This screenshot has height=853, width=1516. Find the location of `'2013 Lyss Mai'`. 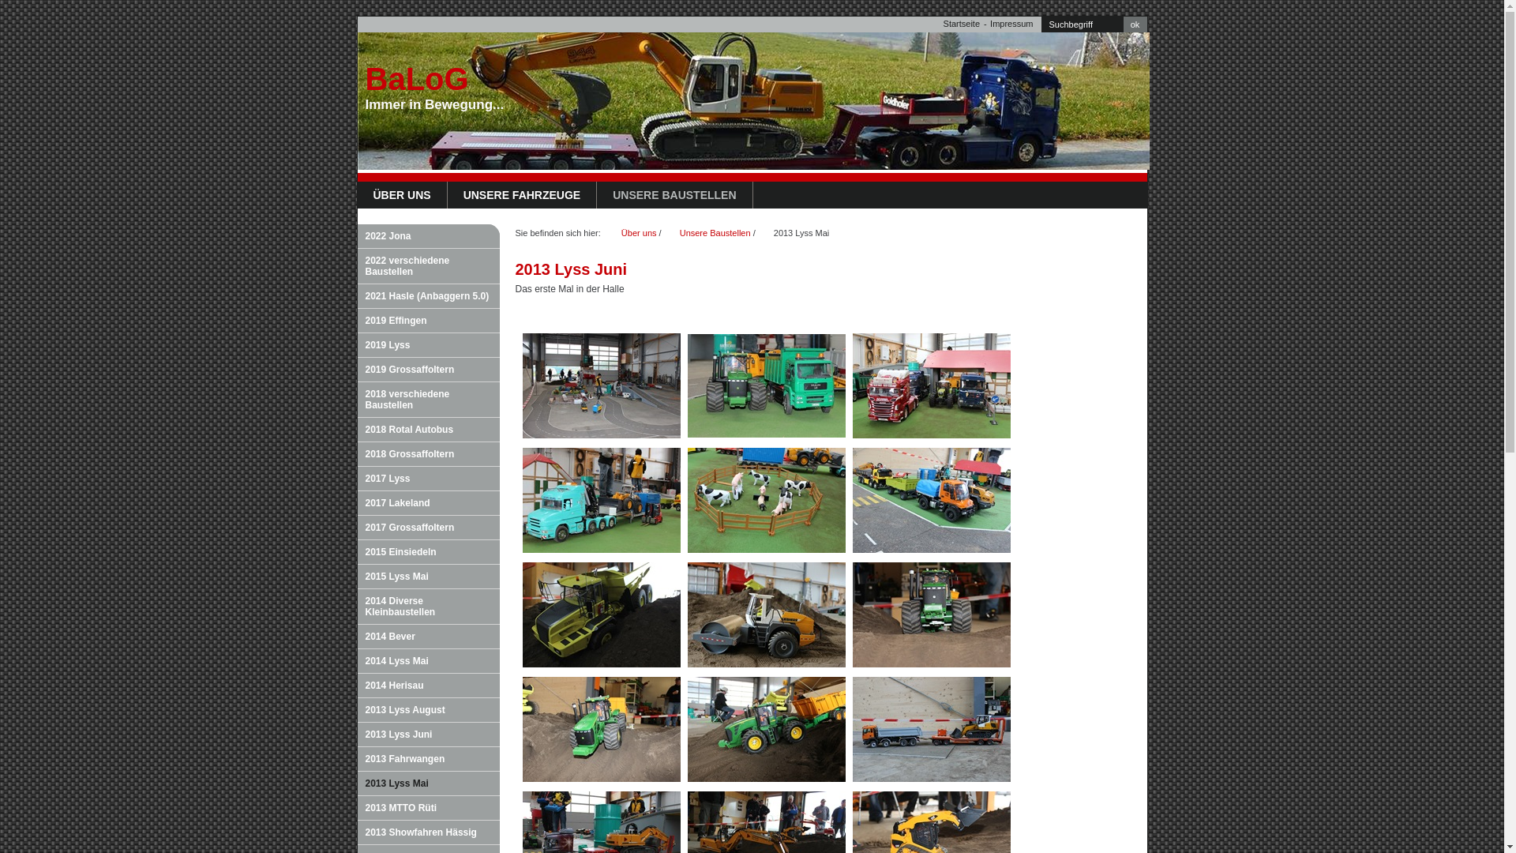

'2013 Lyss Mai' is located at coordinates (428, 783).